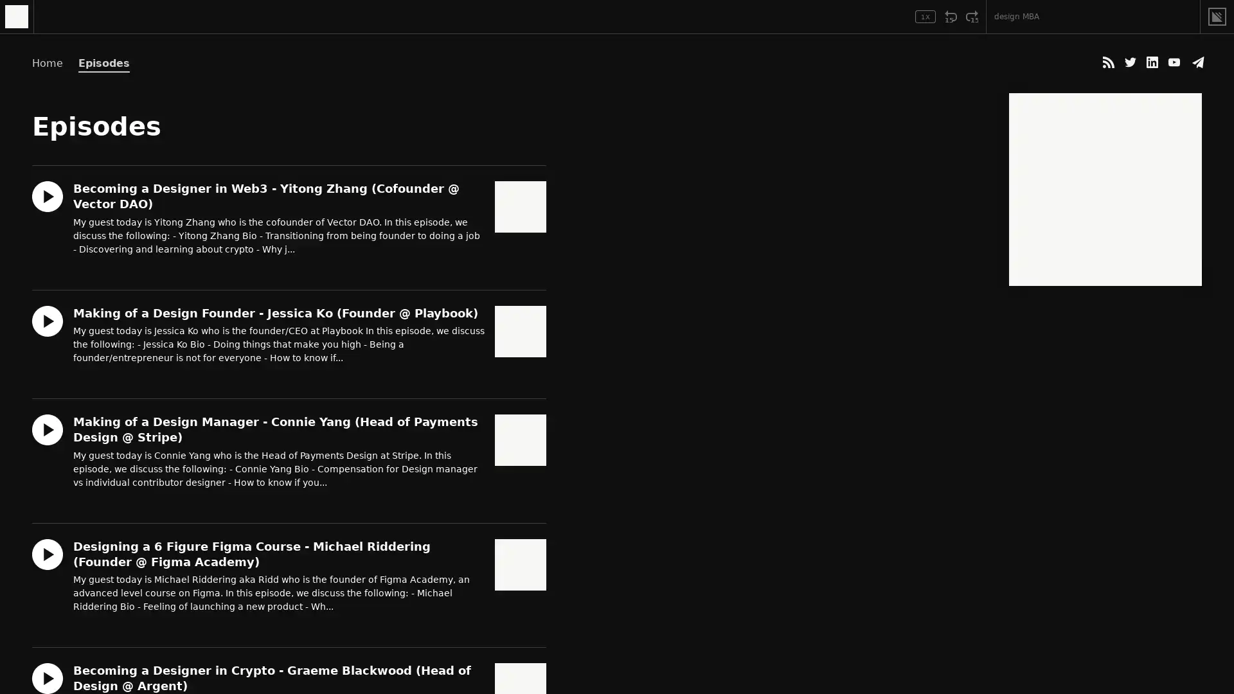 This screenshot has height=694, width=1234. What do you see at coordinates (925, 17) in the screenshot?
I see `Toggle Speed: Current Speed 1x` at bounding box center [925, 17].